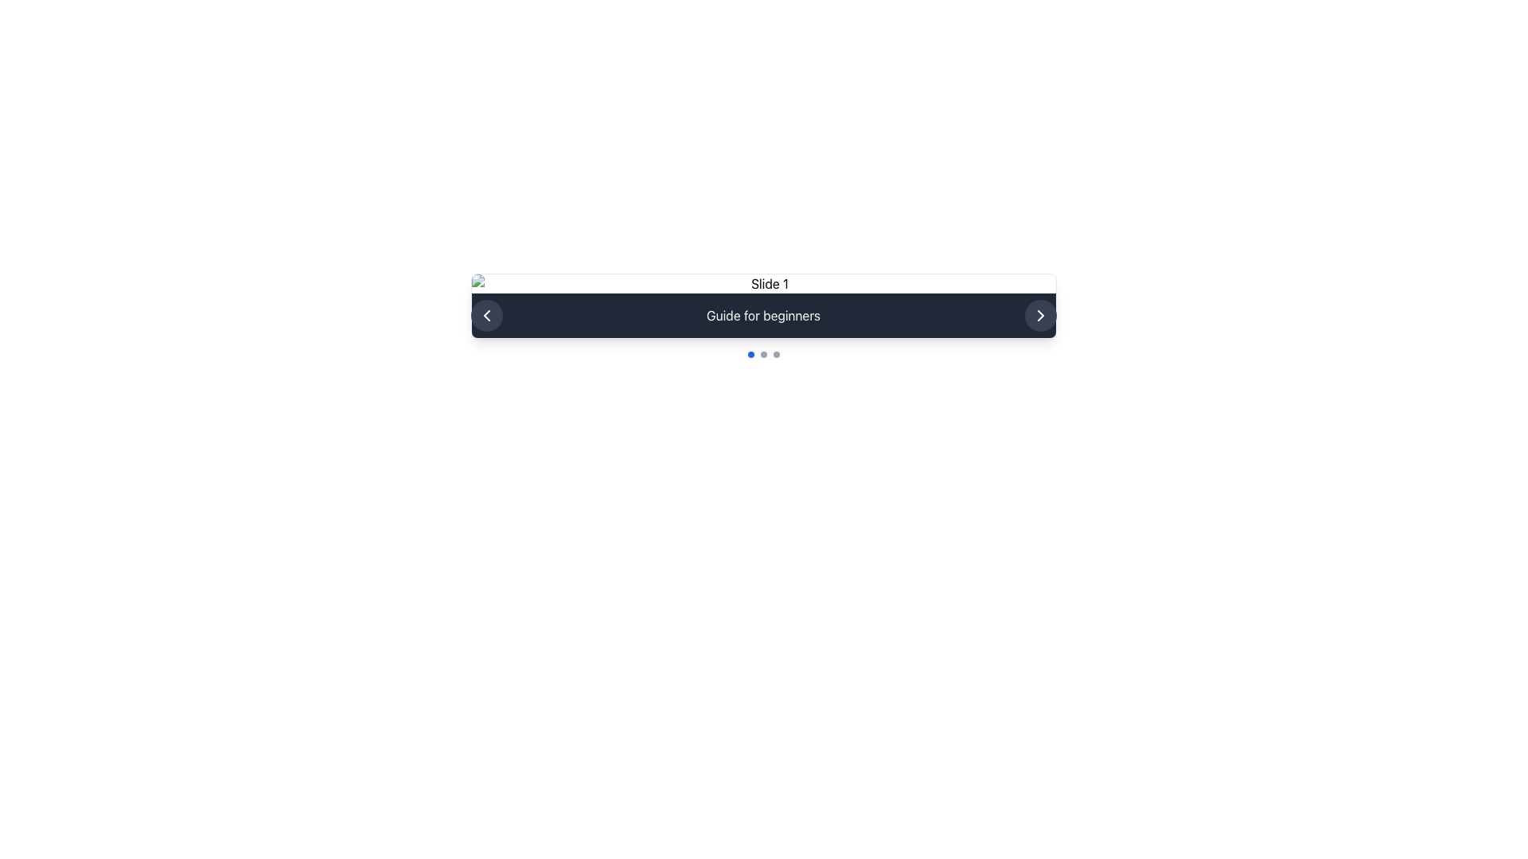 This screenshot has height=859, width=1528. I want to click on the navigation button located on the right side of the carousel, so click(1040, 316).